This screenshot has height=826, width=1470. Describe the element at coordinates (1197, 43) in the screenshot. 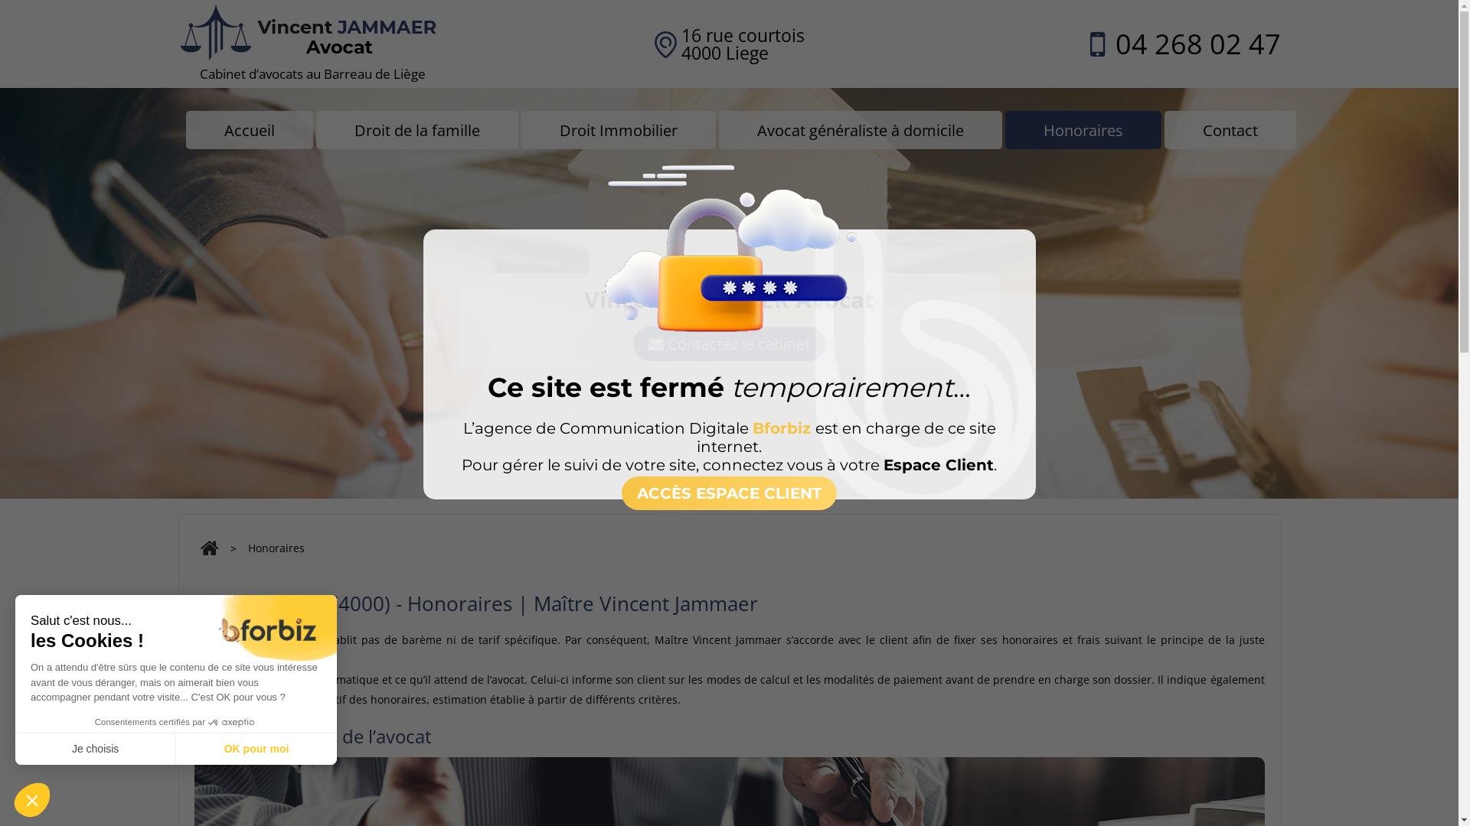

I see `'04 268 02 47'` at that location.